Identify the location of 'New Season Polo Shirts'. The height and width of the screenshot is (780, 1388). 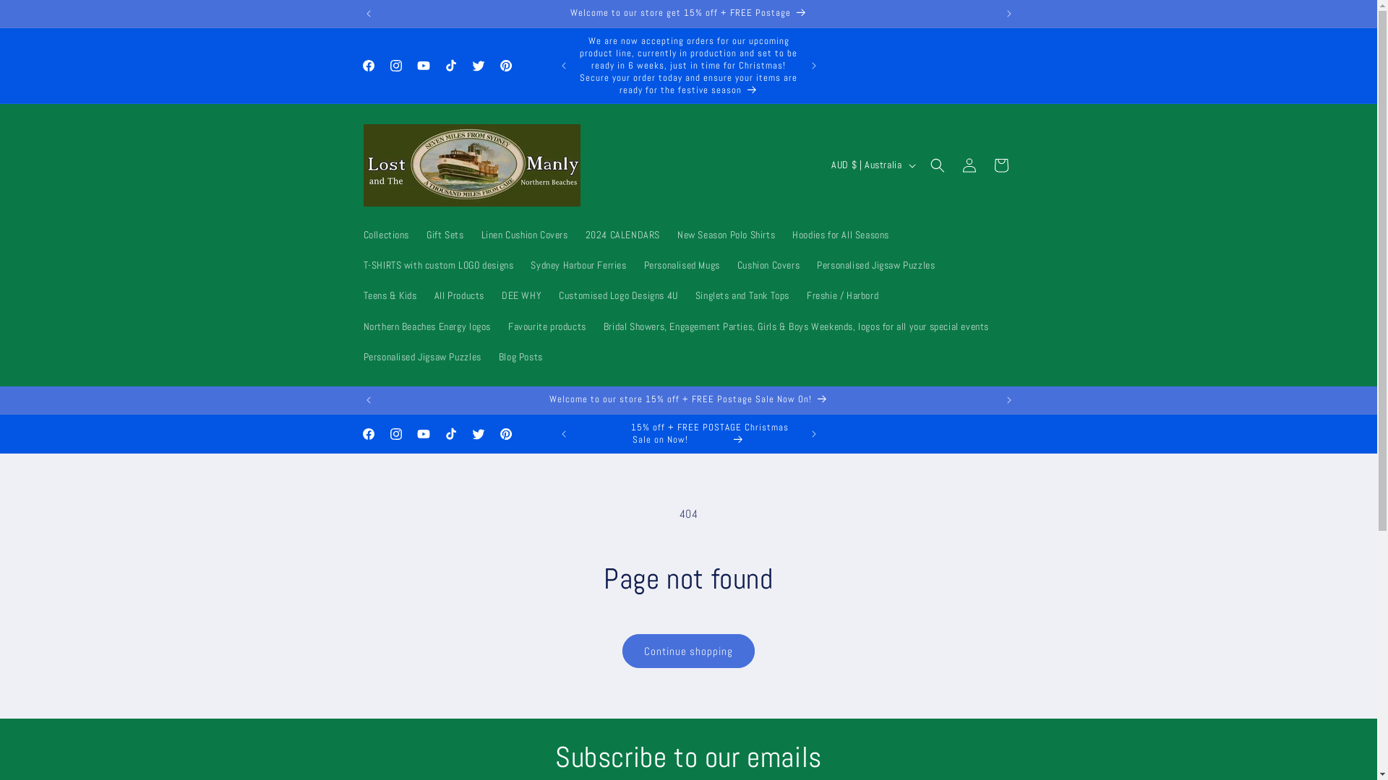
(726, 233).